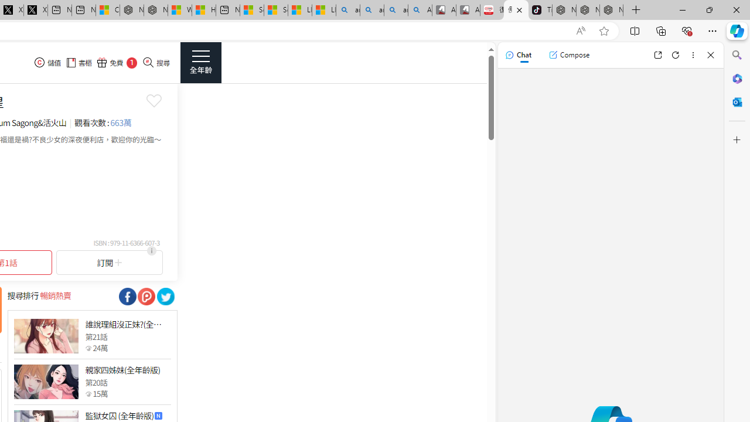 This screenshot has width=750, height=422. Describe the element at coordinates (708, 9) in the screenshot. I see `'Restore'` at that location.